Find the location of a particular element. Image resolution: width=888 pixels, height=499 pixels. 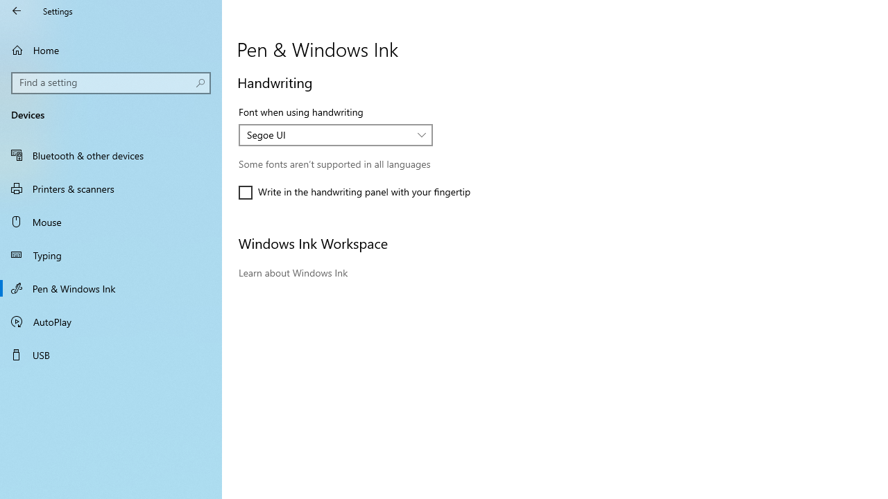

'Mouse' is located at coordinates (111, 221).